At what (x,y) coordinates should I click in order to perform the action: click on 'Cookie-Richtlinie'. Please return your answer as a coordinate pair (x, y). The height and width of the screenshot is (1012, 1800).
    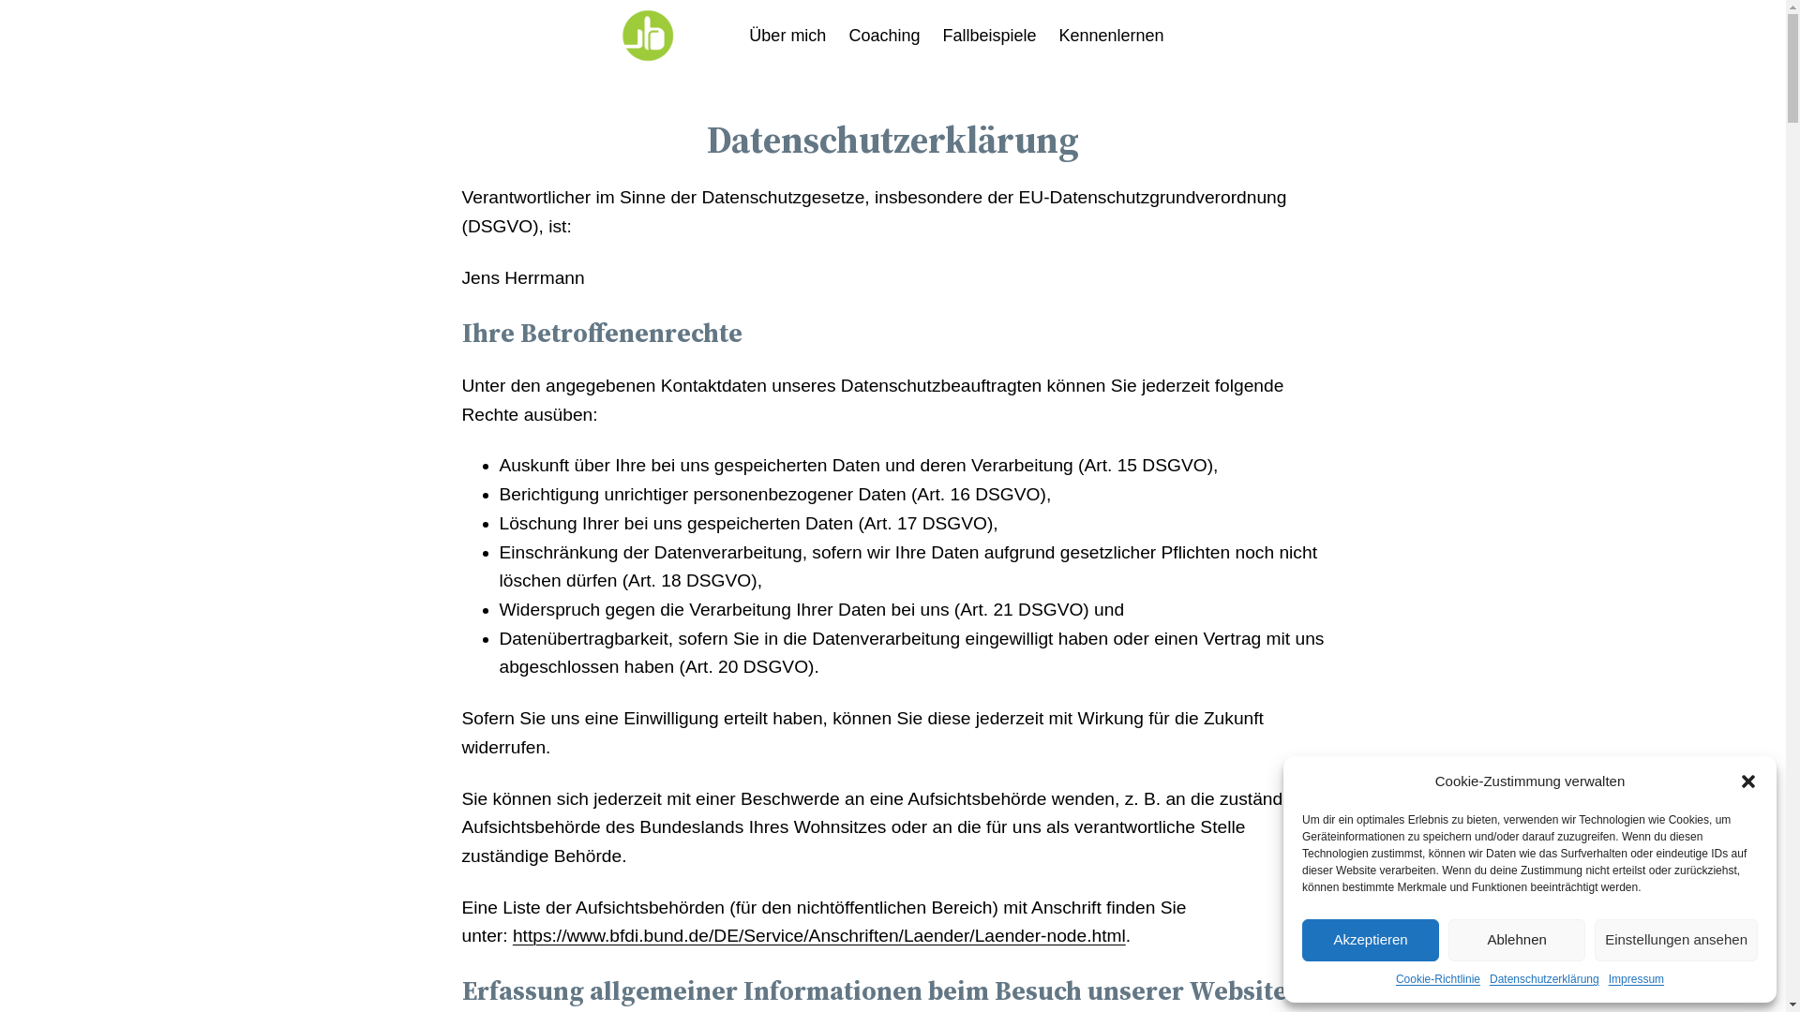
    Looking at the image, I should click on (1395, 978).